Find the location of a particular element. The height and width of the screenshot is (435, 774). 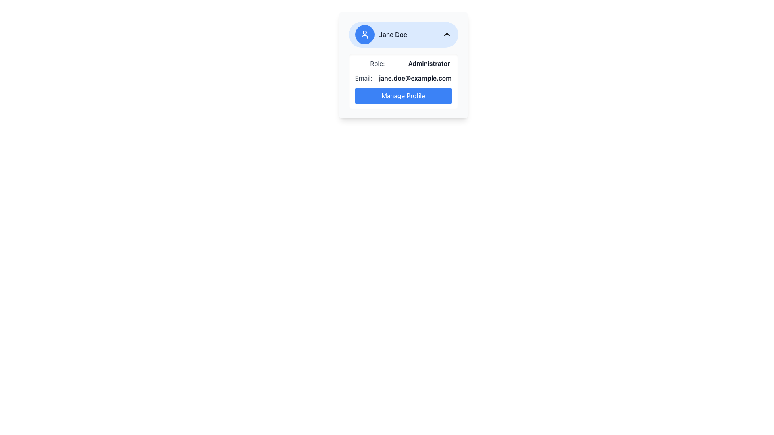

the Text label displaying the user's name located in the header section of the user profile card, which is to the right of the circular user icon is located at coordinates (393, 34).